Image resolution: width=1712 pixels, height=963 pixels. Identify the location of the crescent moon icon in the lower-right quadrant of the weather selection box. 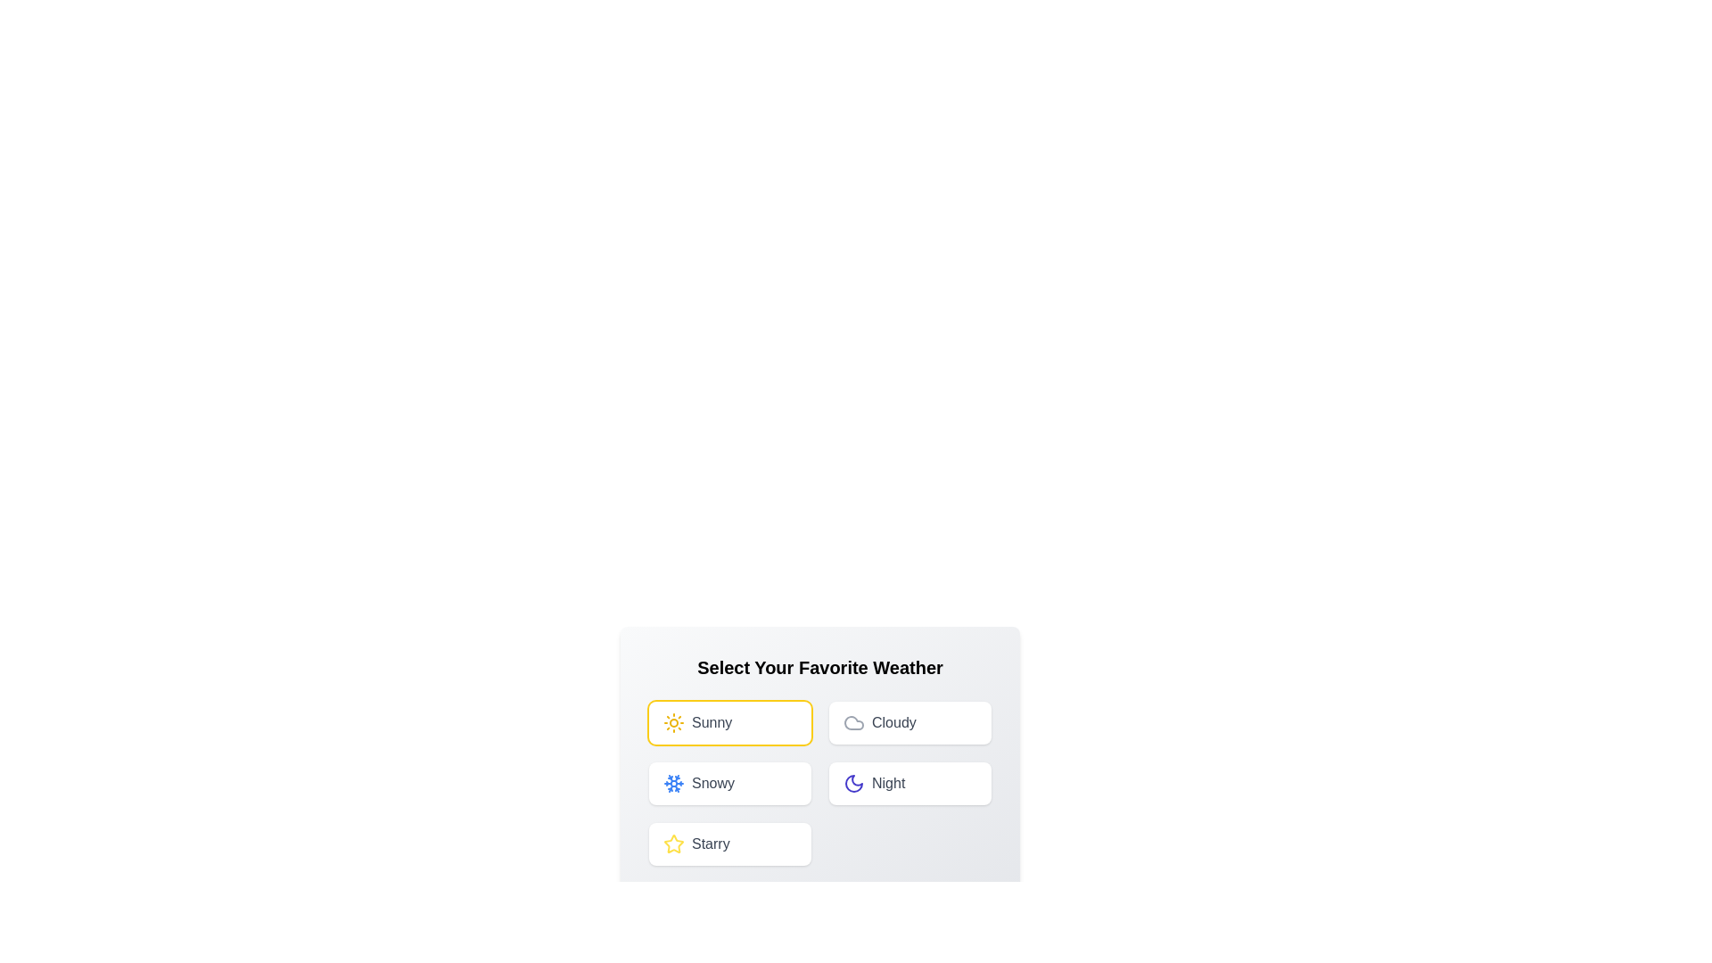
(853, 783).